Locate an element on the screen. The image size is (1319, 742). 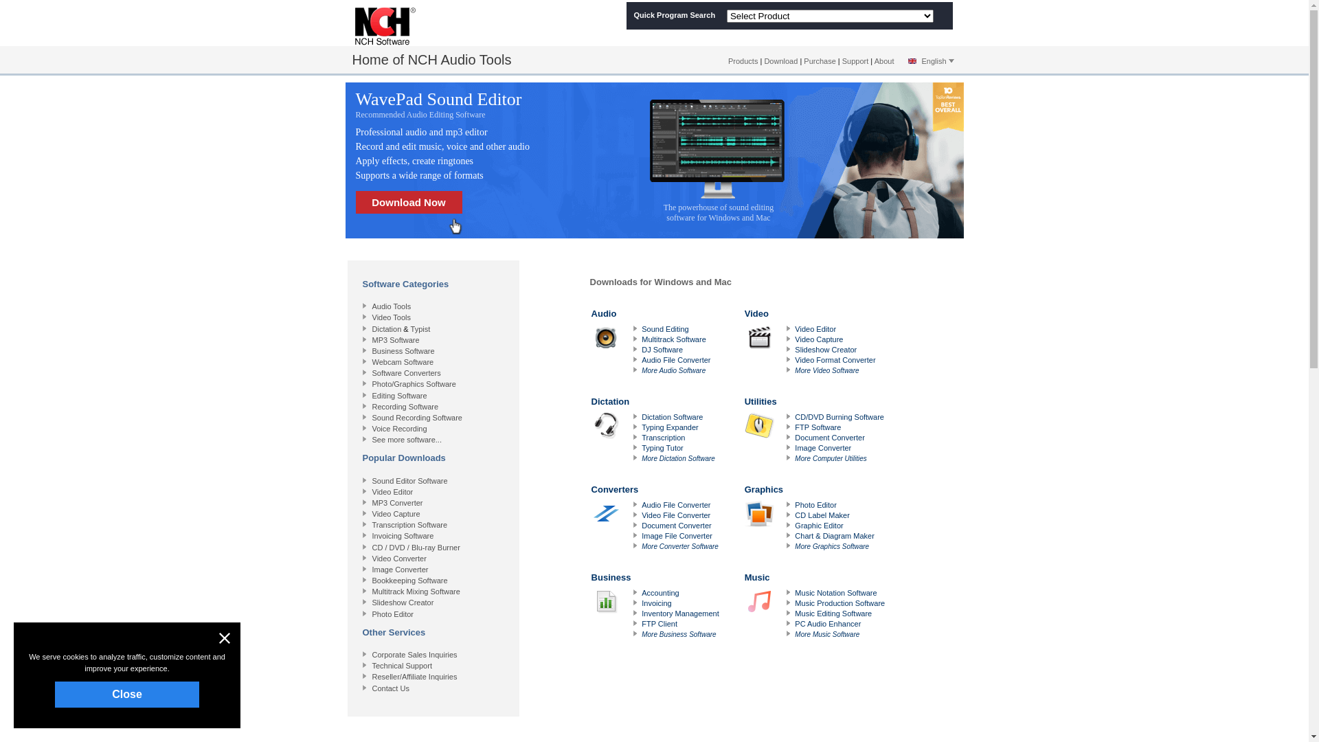
'More Computer Utilities' is located at coordinates (794, 458).